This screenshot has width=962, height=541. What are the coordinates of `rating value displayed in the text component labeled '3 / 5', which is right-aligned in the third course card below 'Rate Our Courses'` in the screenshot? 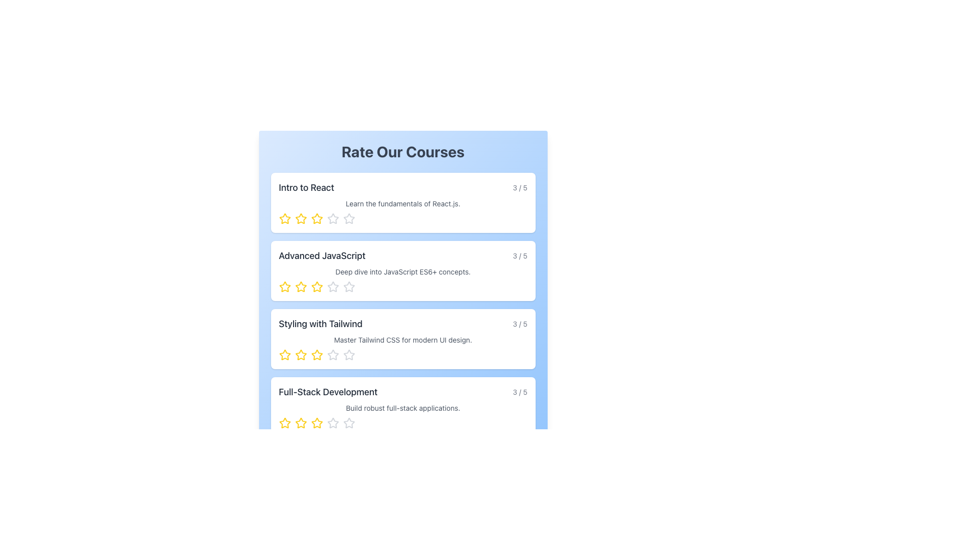 It's located at (520, 324).